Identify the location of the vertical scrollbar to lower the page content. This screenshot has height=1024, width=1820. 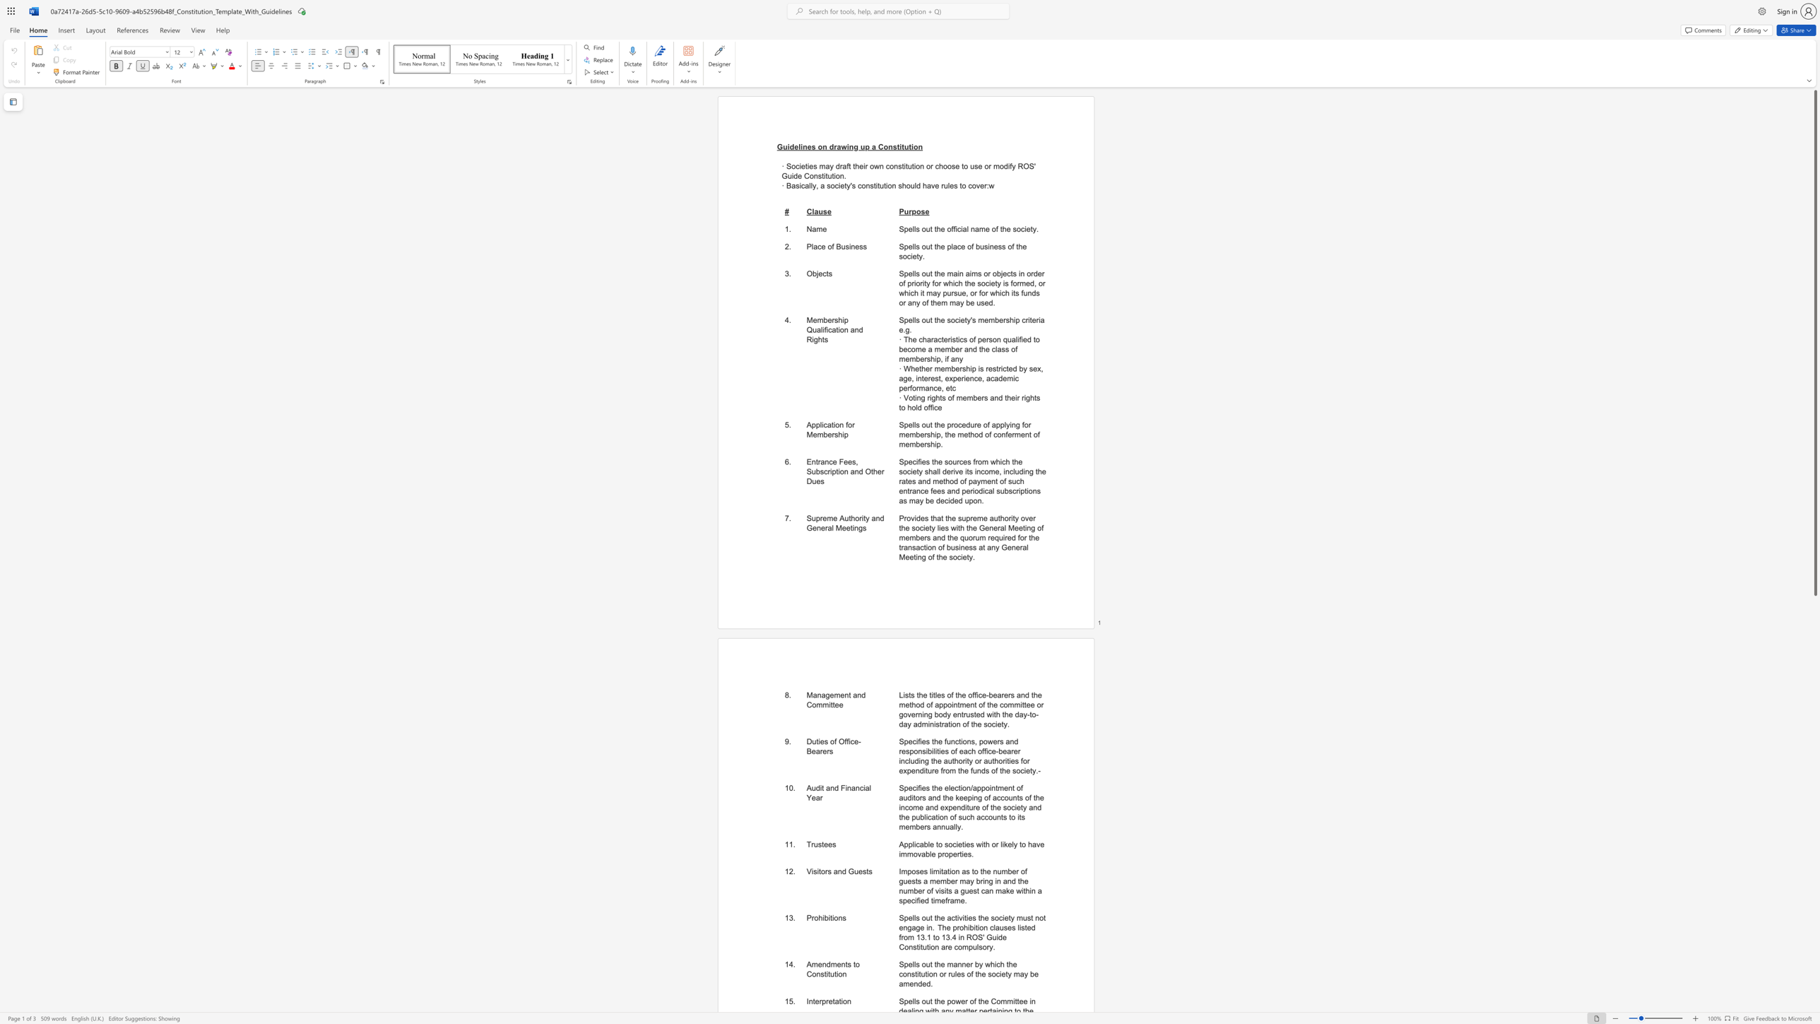
(1814, 961).